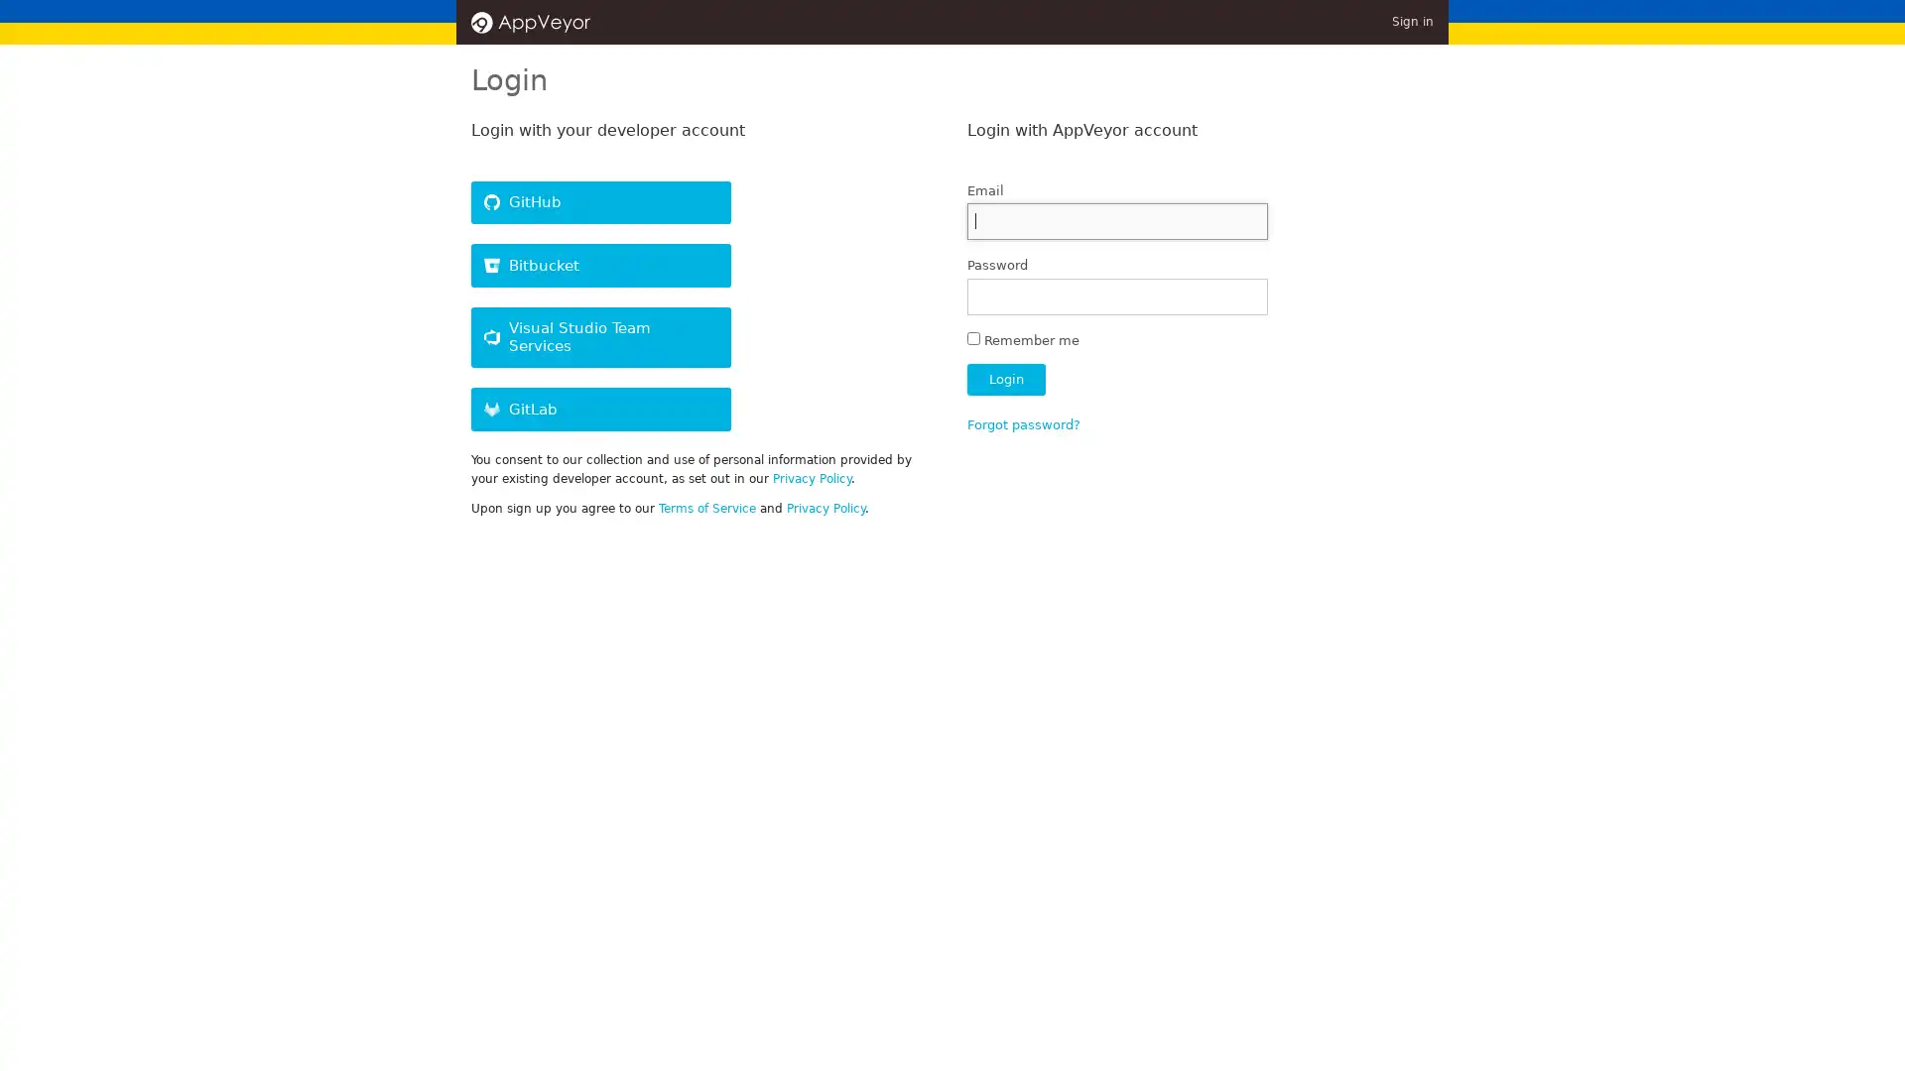 This screenshot has height=1071, width=1905. What do you see at coordinates (1005, 379) in the screenshot?
I see `Login` at bounding box center [1005, 379].